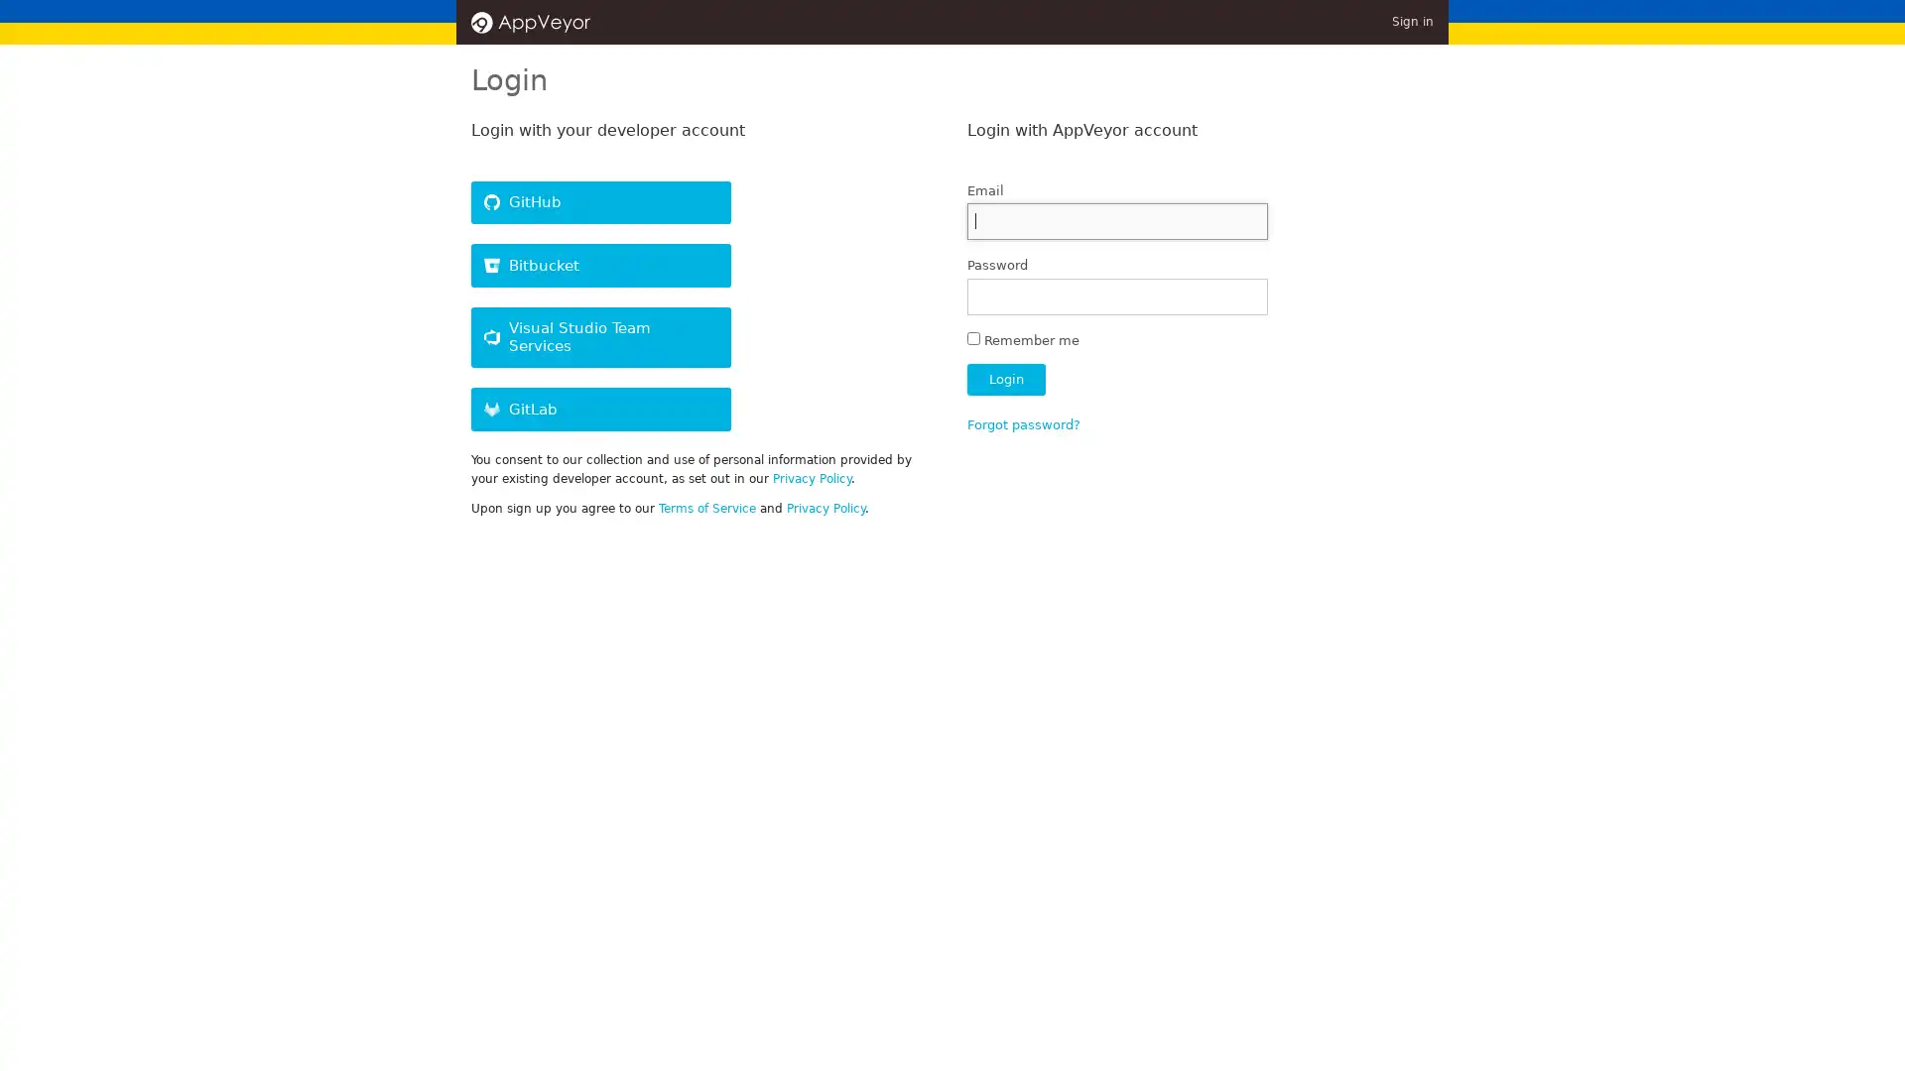 This screenshot has height=1071, width=1905. What do you see at coordinates (1005, 379) in the screenshot?
I see `Login` at bounding box center [1005, 379].